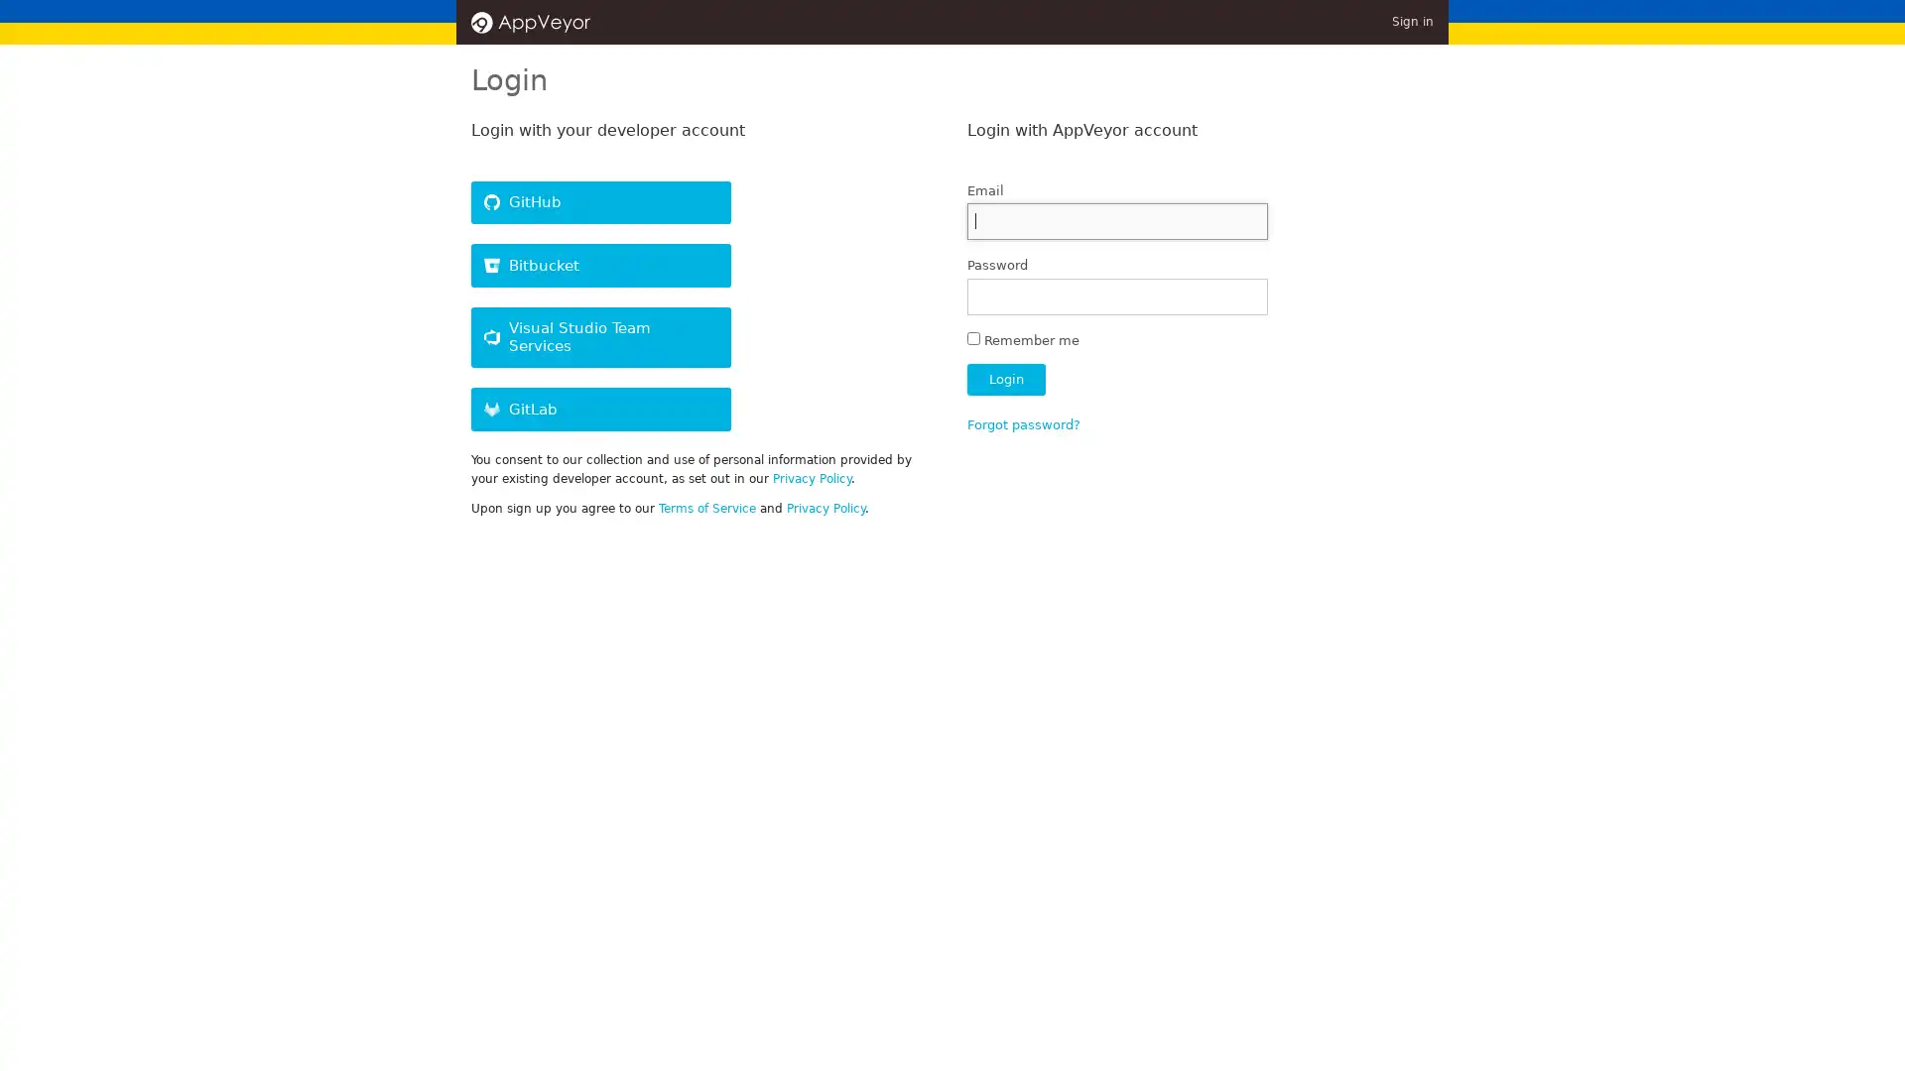 This screenshot has height=1071, width=1905. What do you see at coordinates (1005, 379) in the screenshot?
I see `Login` at bounding box center [1005, 379].